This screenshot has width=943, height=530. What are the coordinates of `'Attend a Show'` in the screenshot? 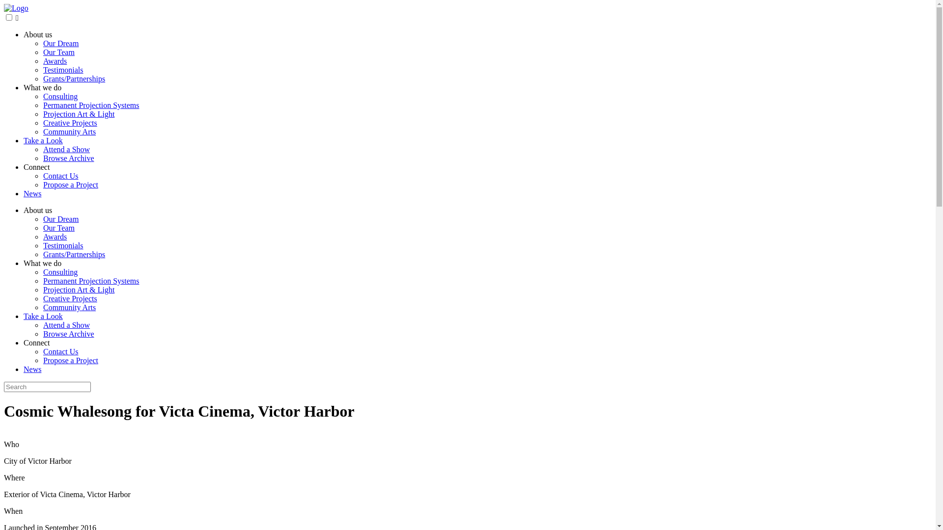 It's located at (66, 149).